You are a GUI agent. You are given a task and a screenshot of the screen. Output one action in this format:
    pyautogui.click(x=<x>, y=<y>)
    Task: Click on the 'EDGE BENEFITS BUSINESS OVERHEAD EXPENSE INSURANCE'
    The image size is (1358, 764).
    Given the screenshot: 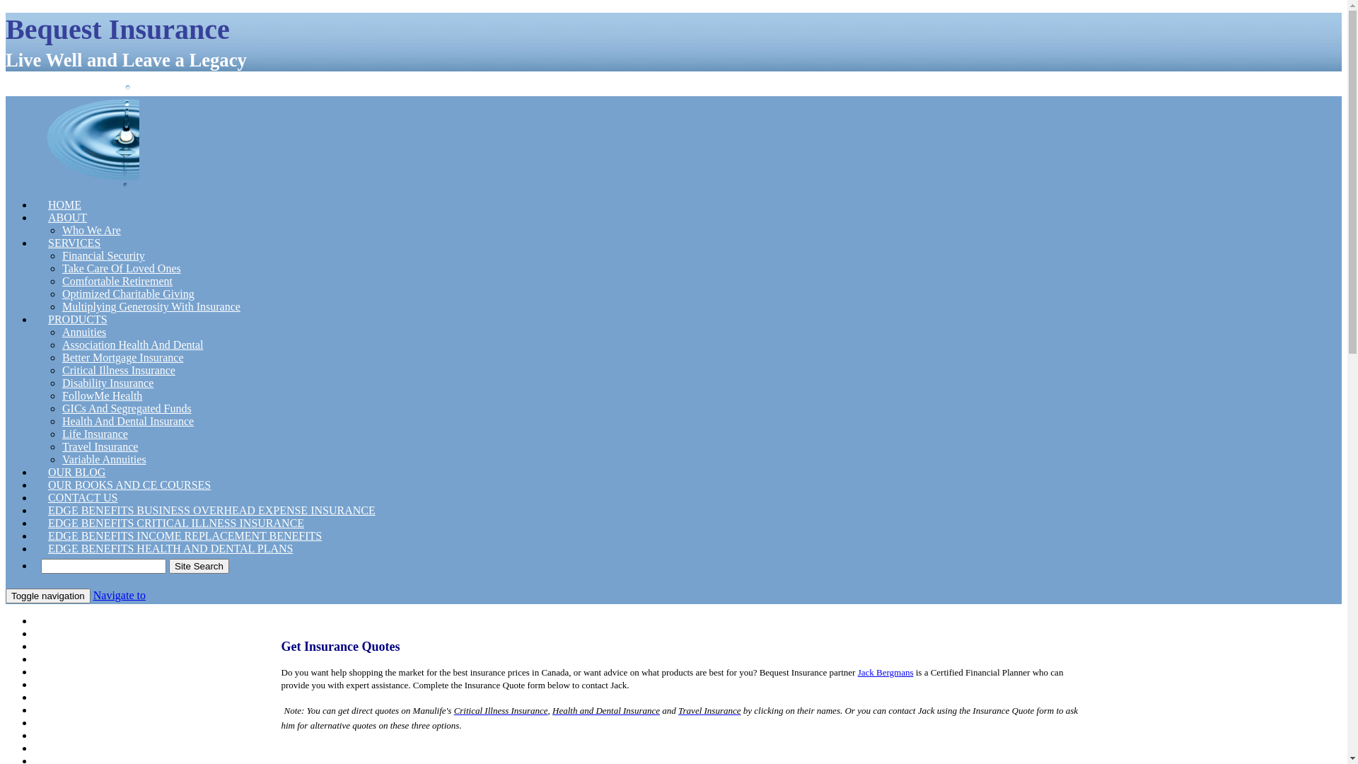 What is the action you would take?
    pyautogui.click(x=211, y=510)
    